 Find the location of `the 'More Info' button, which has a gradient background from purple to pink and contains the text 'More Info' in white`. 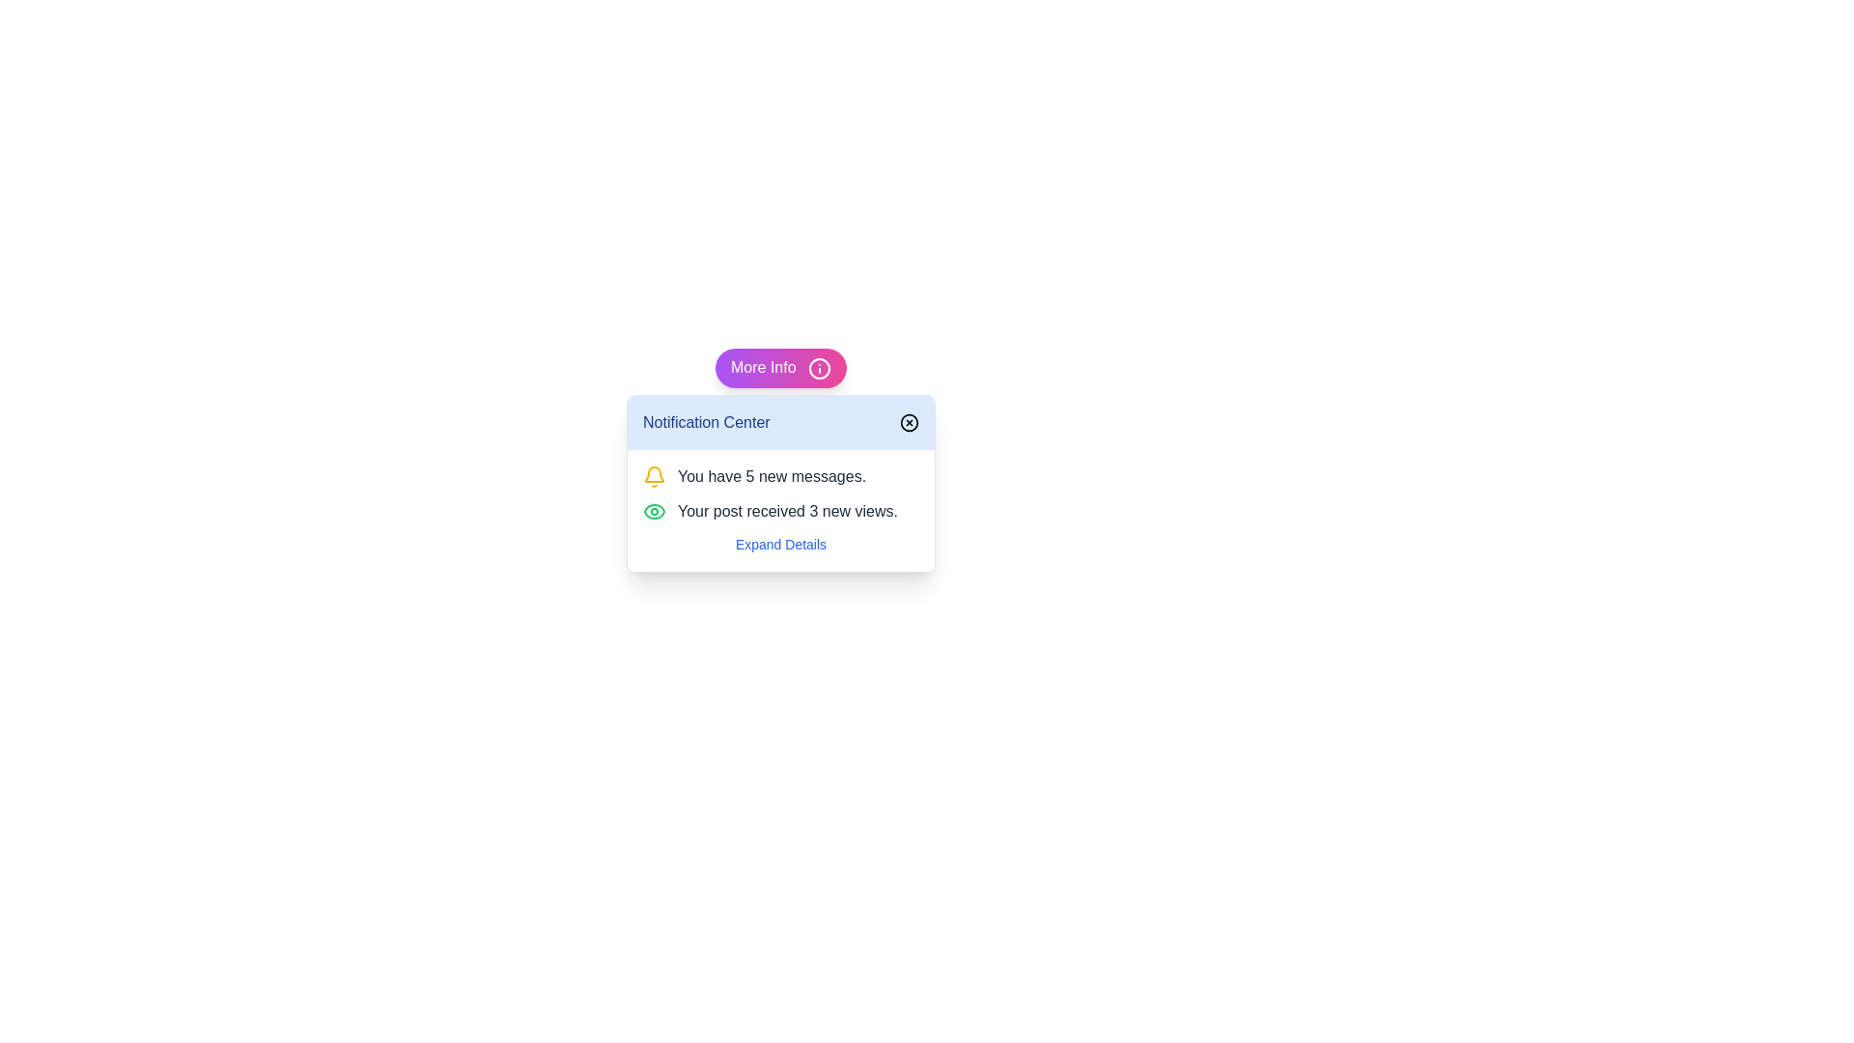

the 'More Info' button, which has a gradient background from purple to pink and contains the text 'More Info' in white is located at coordinates (781, 368).